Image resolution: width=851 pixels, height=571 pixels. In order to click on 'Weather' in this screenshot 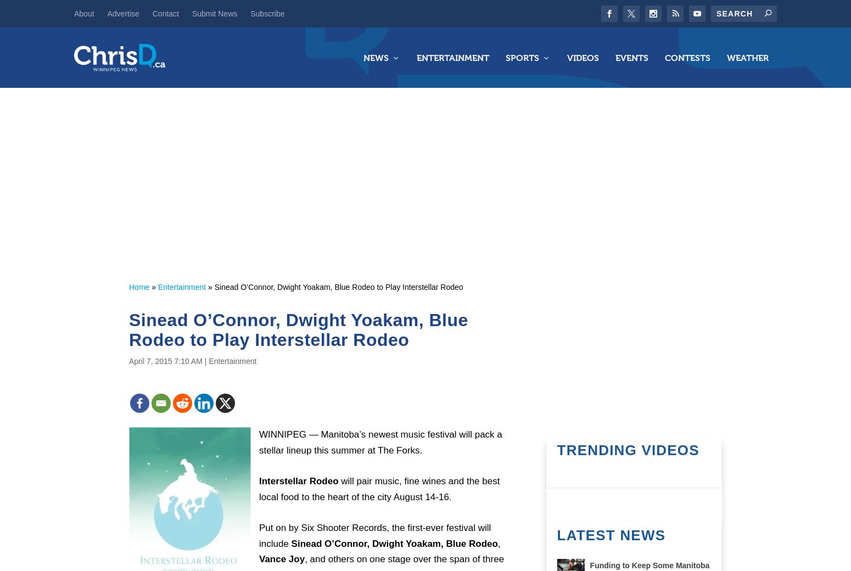, I will do `click(747, 57)`.